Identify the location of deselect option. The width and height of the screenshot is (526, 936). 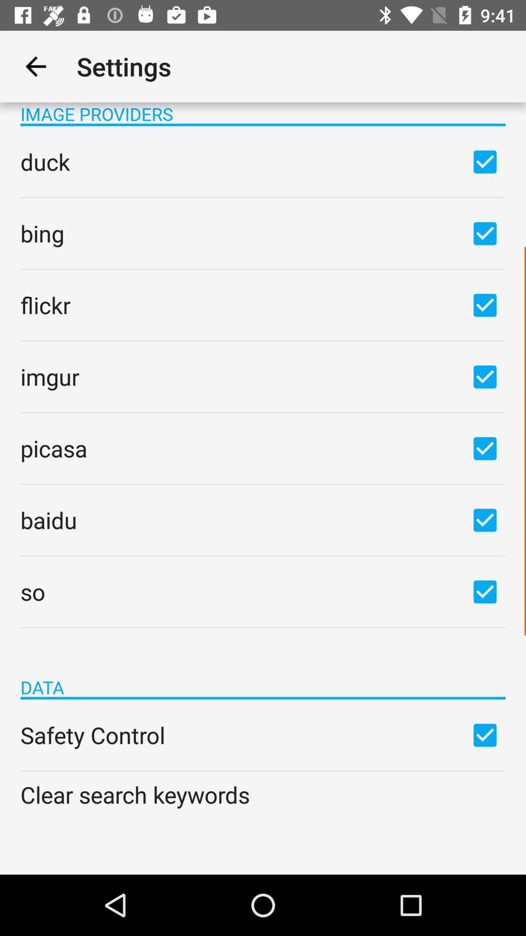
(485, 304).